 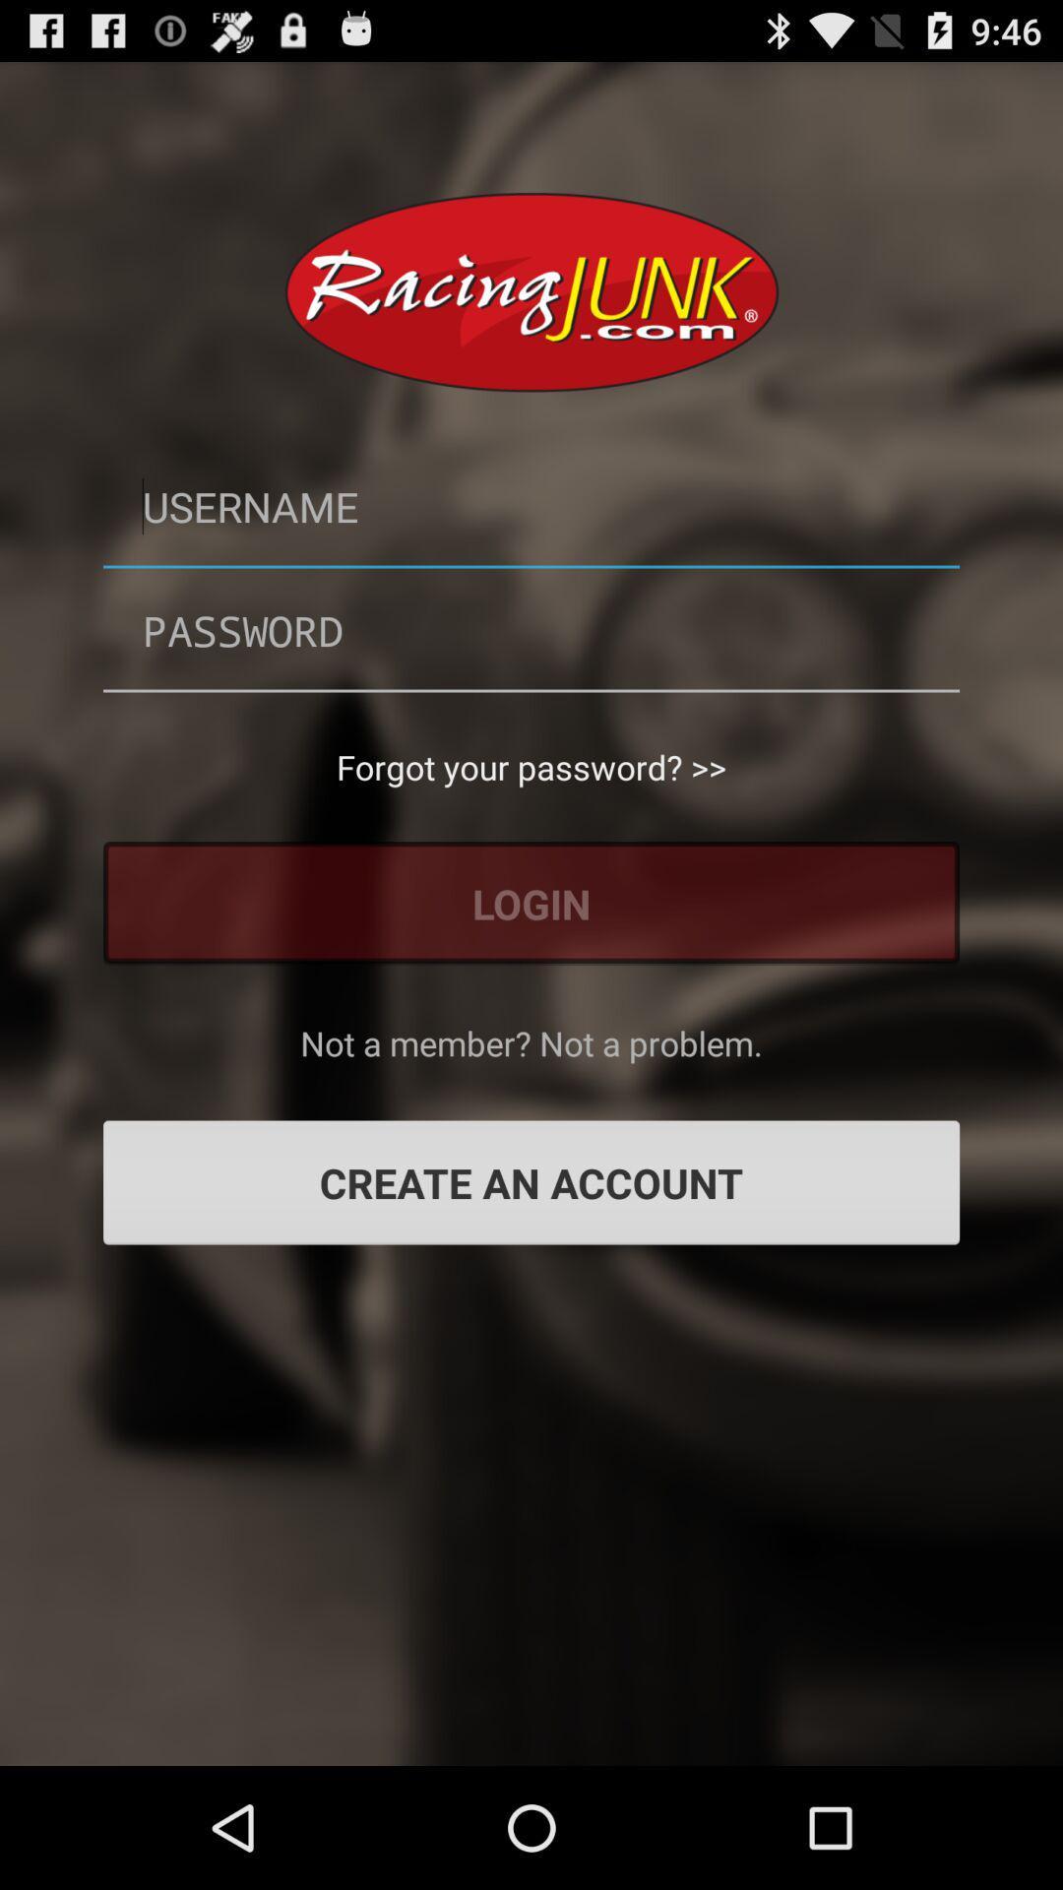 I want to click on password, so click(x=531, y=630).